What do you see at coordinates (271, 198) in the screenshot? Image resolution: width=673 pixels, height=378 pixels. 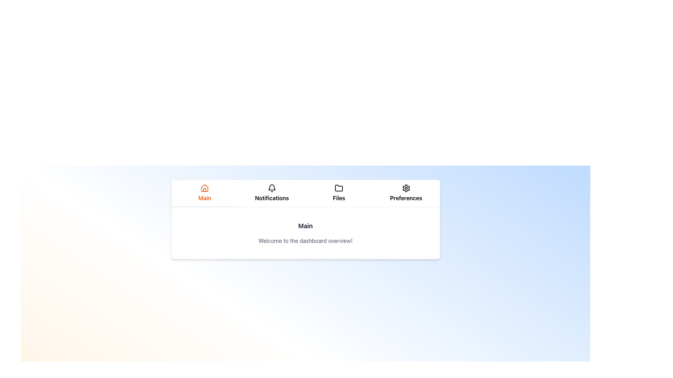 I see `the 'Notifications' text label located in the horizontal navigation bar, positioned below the bell icon` at bounding box center [271, 198].